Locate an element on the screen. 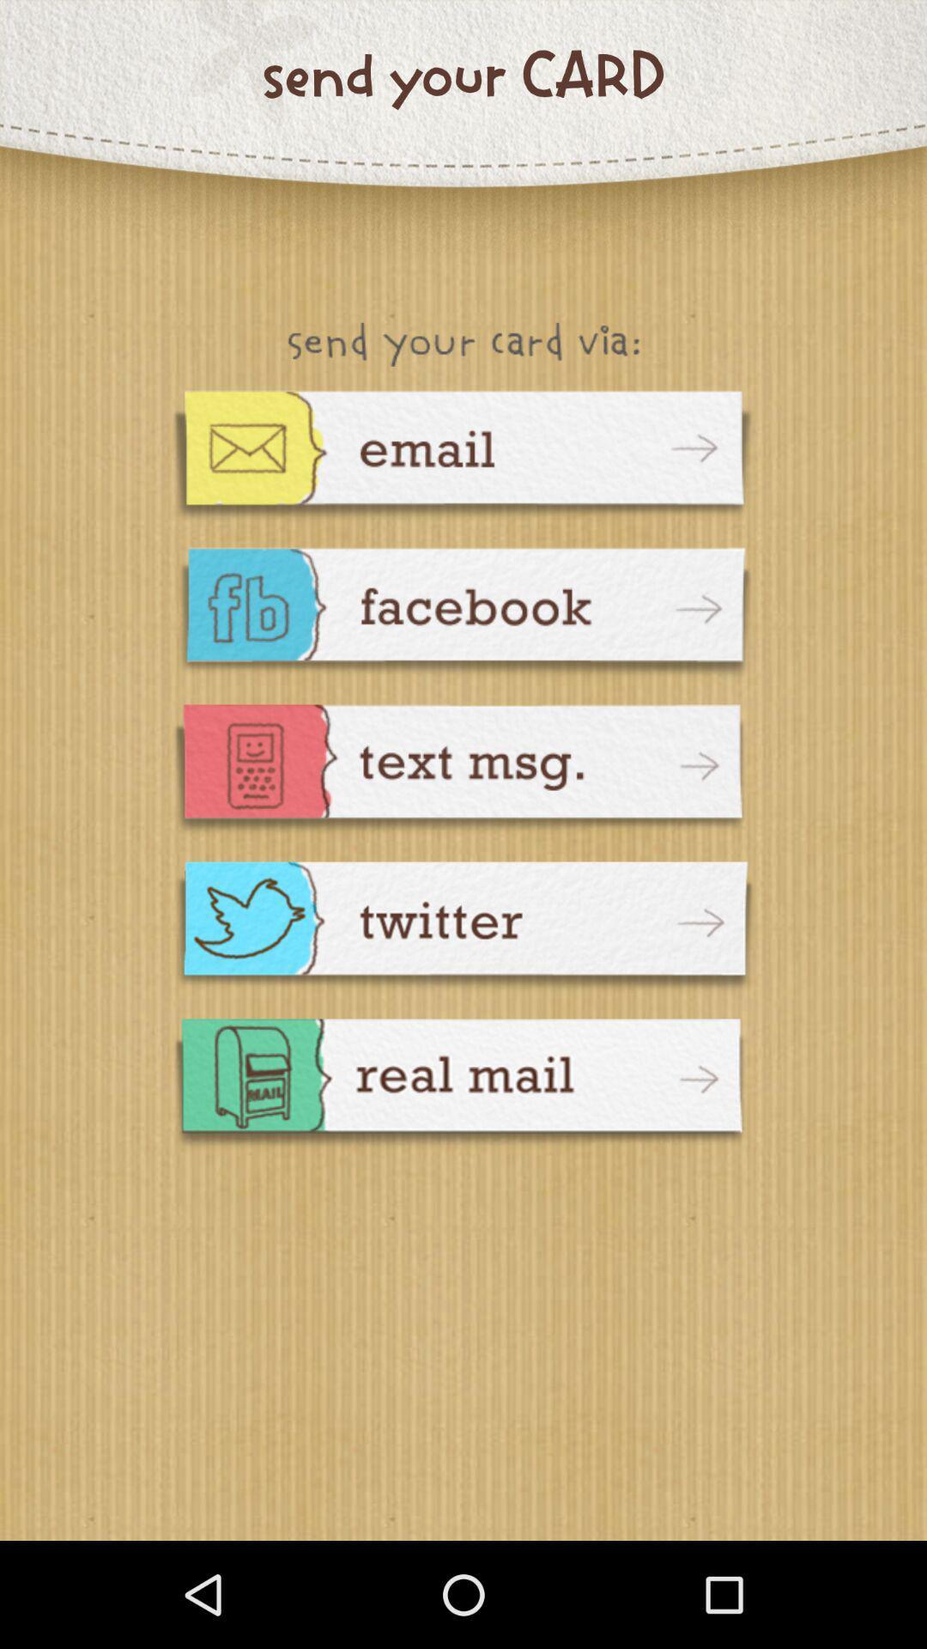  share through facebook is located at coordinates (463, 614).